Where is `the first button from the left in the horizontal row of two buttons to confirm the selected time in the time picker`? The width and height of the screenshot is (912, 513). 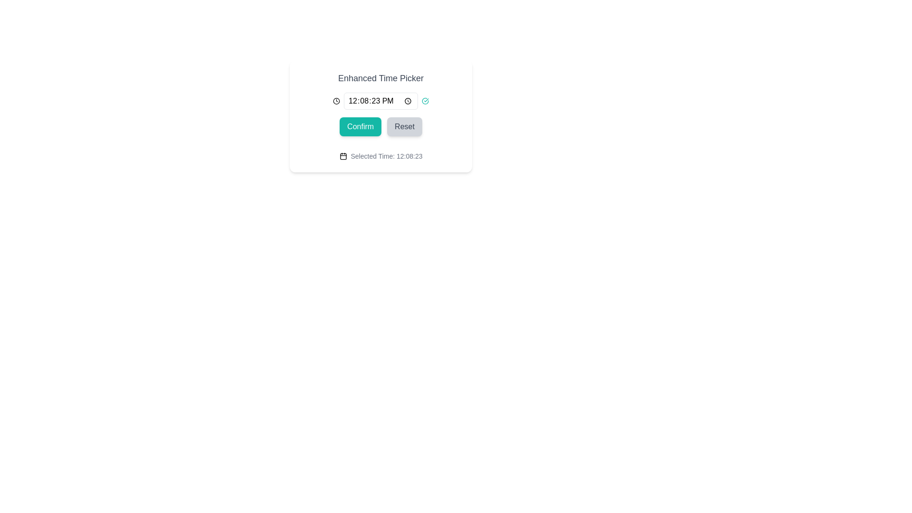
the first button from the left in the horizontal row of two buttons to confirm the selected time in the time picker is located at coordinates (360, 126).